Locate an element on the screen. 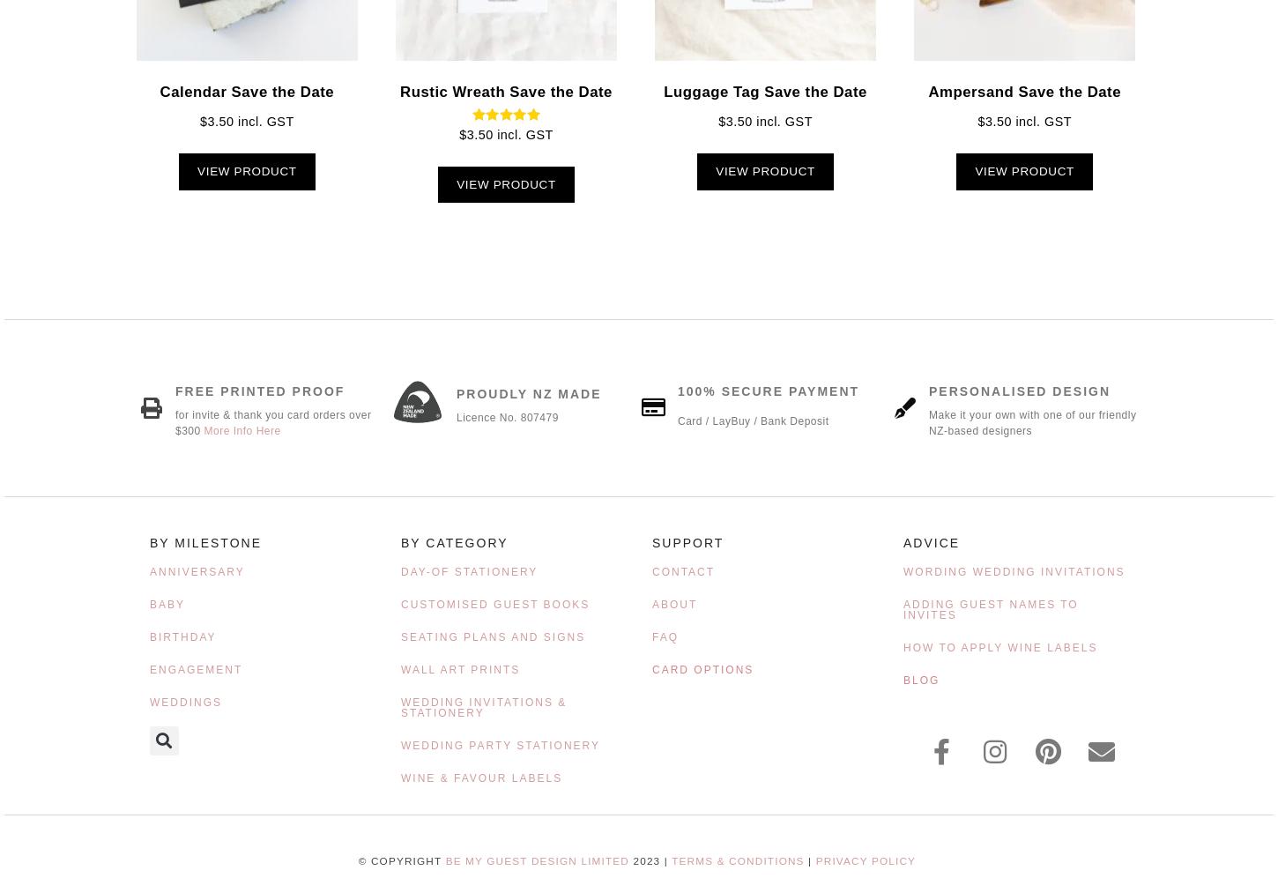  'FAQ' is located at coordinates (651, 636).